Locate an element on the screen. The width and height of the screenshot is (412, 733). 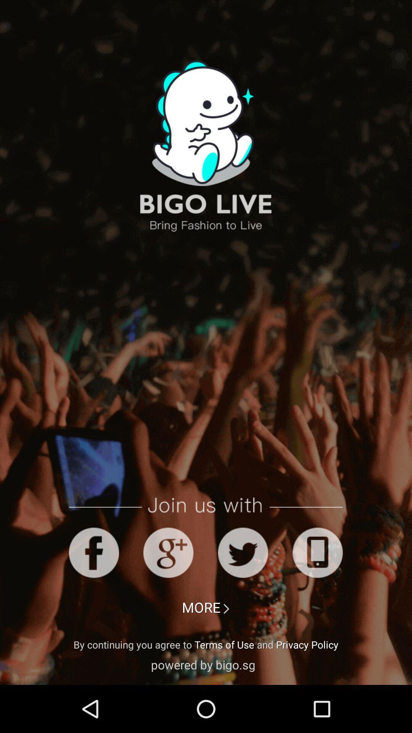
join with social media is located at coordinates (317, 552).